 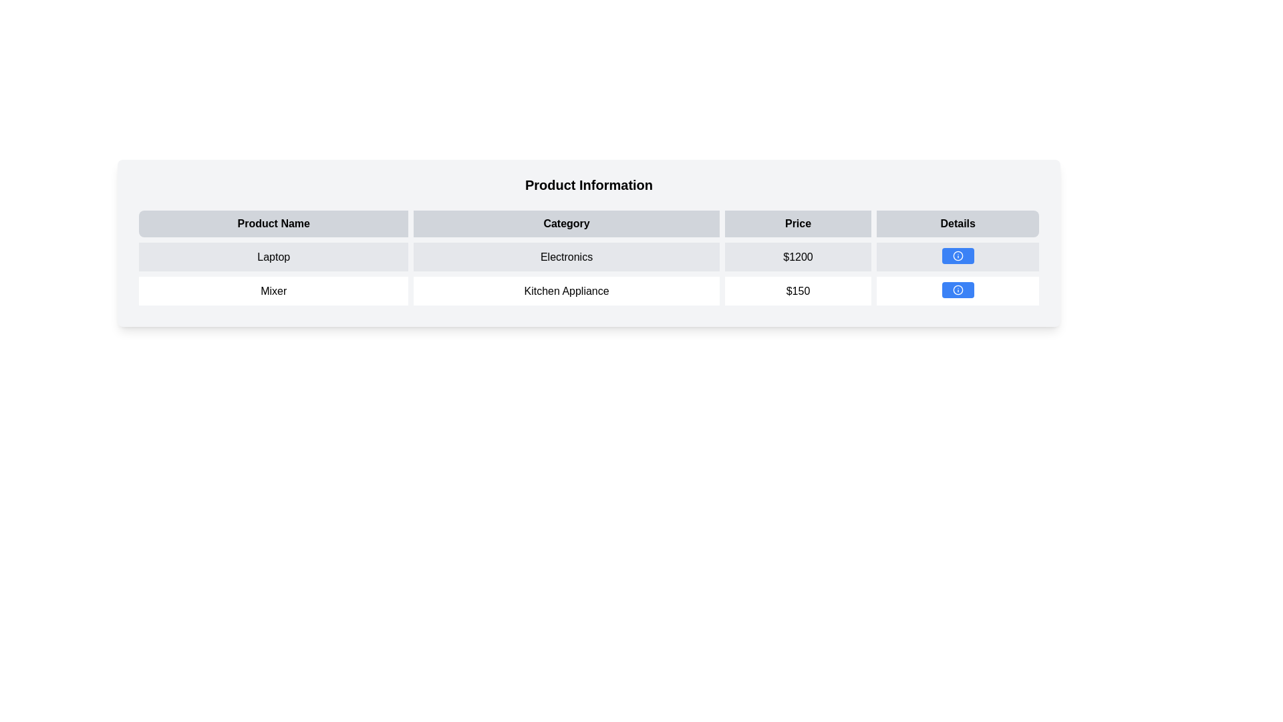 I want to click on the text of the header that indicates the subject of the product details above the table for copying, so click(x=588, y=185).